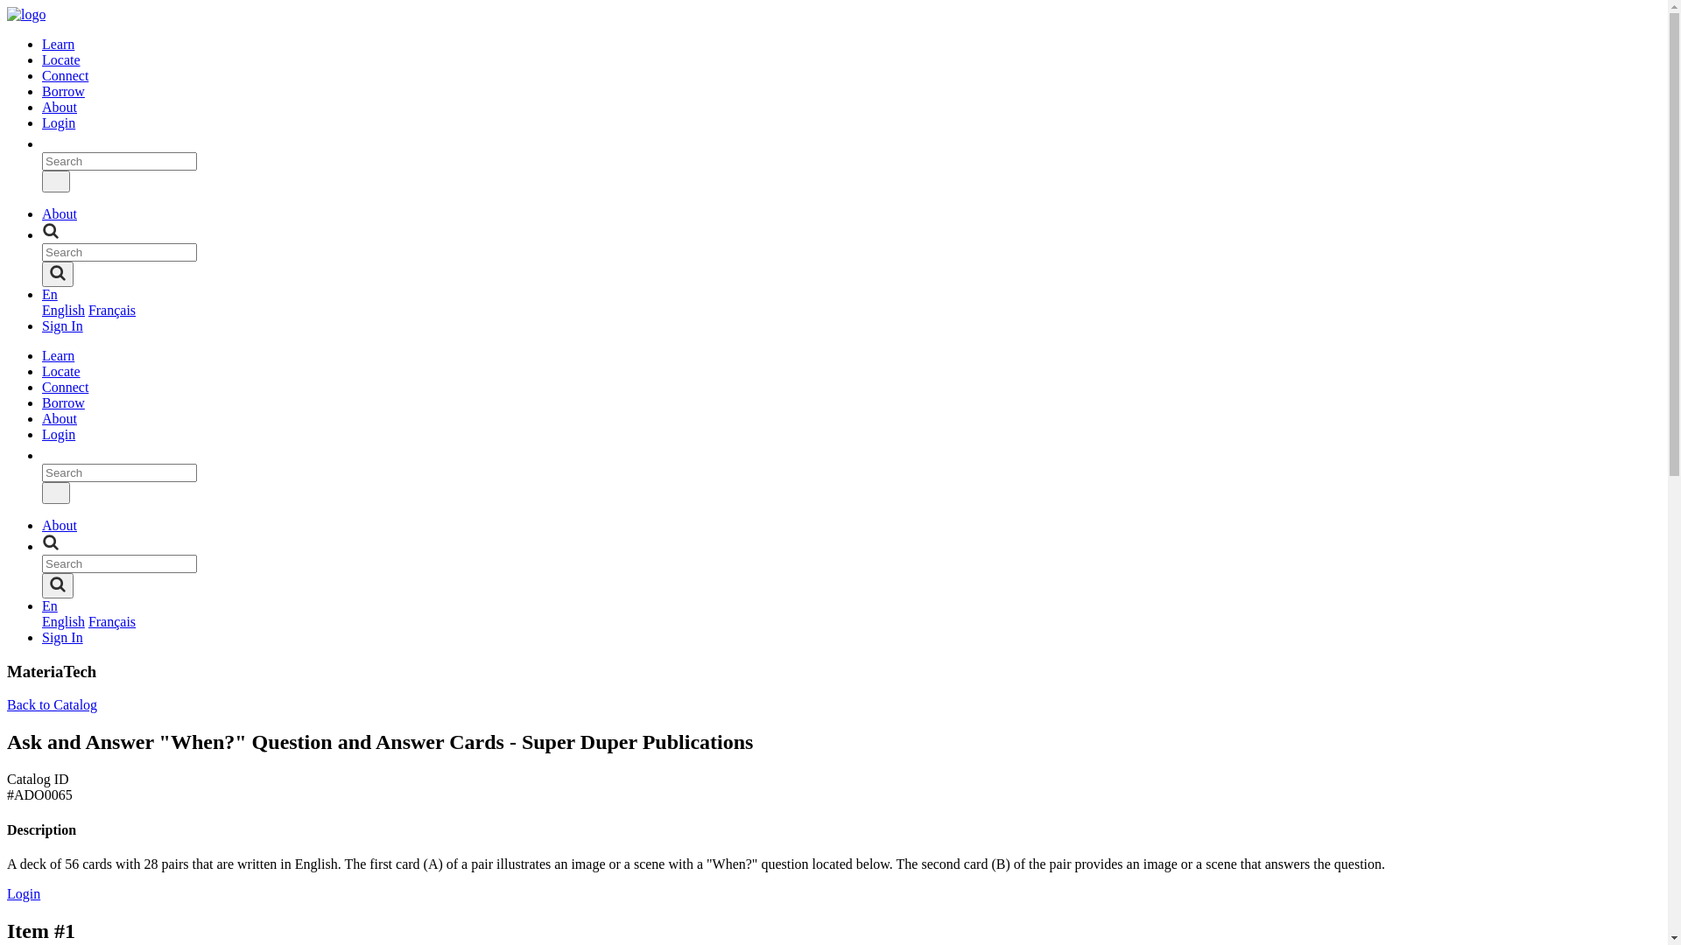 The image size is (1681, 945). Describe the element at coordinates (42, 122) in the screenshot. I see `'Login'` at that location.